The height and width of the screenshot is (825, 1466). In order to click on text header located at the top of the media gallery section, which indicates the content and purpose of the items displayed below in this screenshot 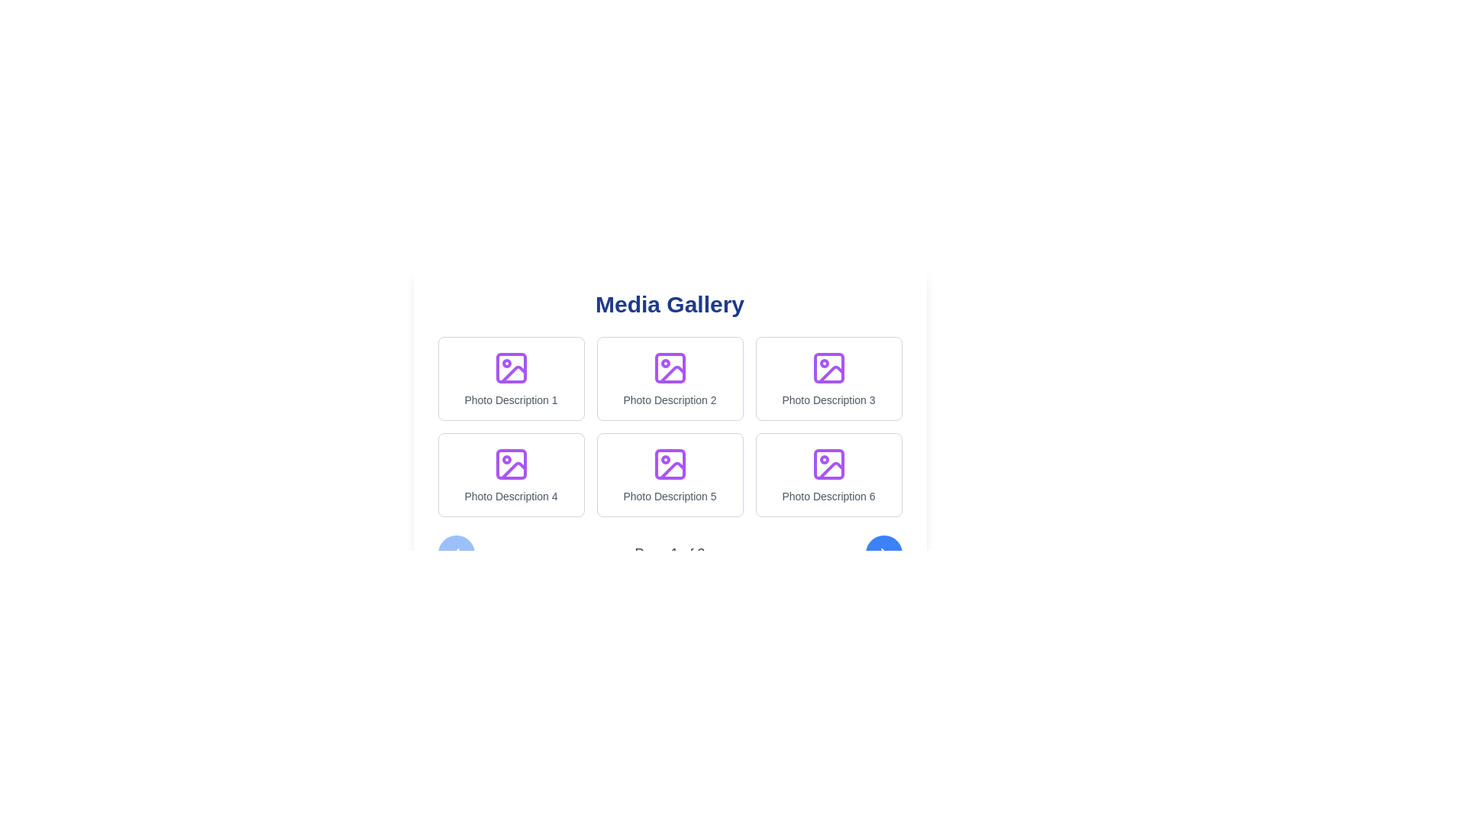, I will do `click(670, 304)`.